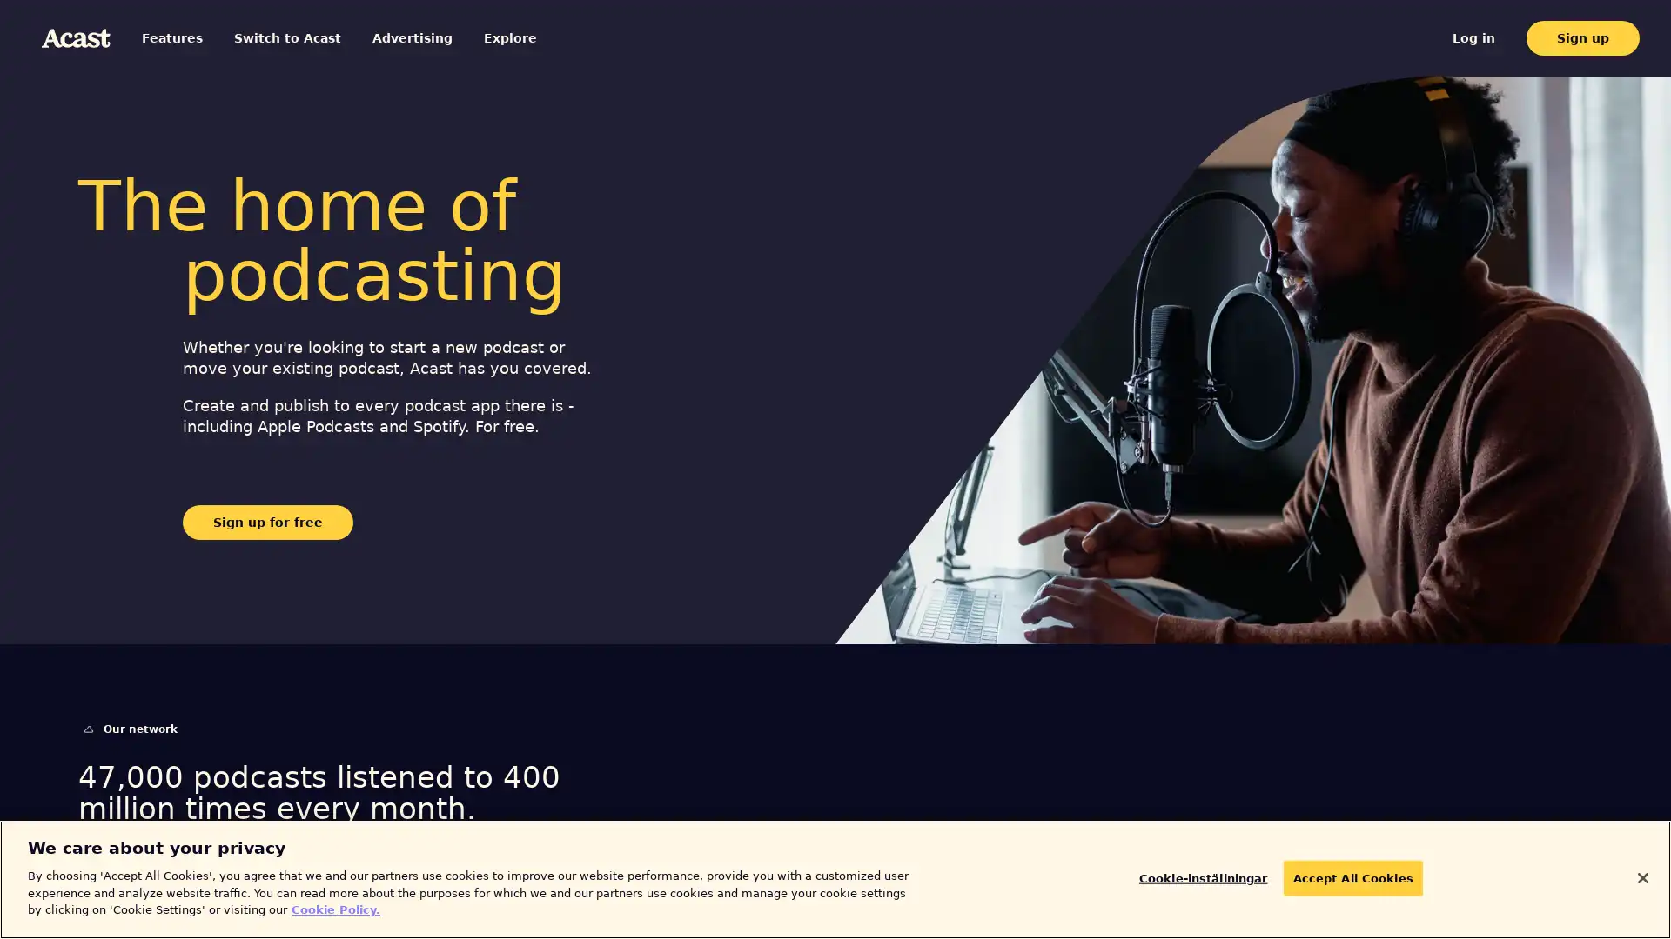 The height and width of the screenshot is (939, 1671). What do you see at coordinates (1641, 877) in the screenshot?
I see `Close` at bounding box center [1641, 877].